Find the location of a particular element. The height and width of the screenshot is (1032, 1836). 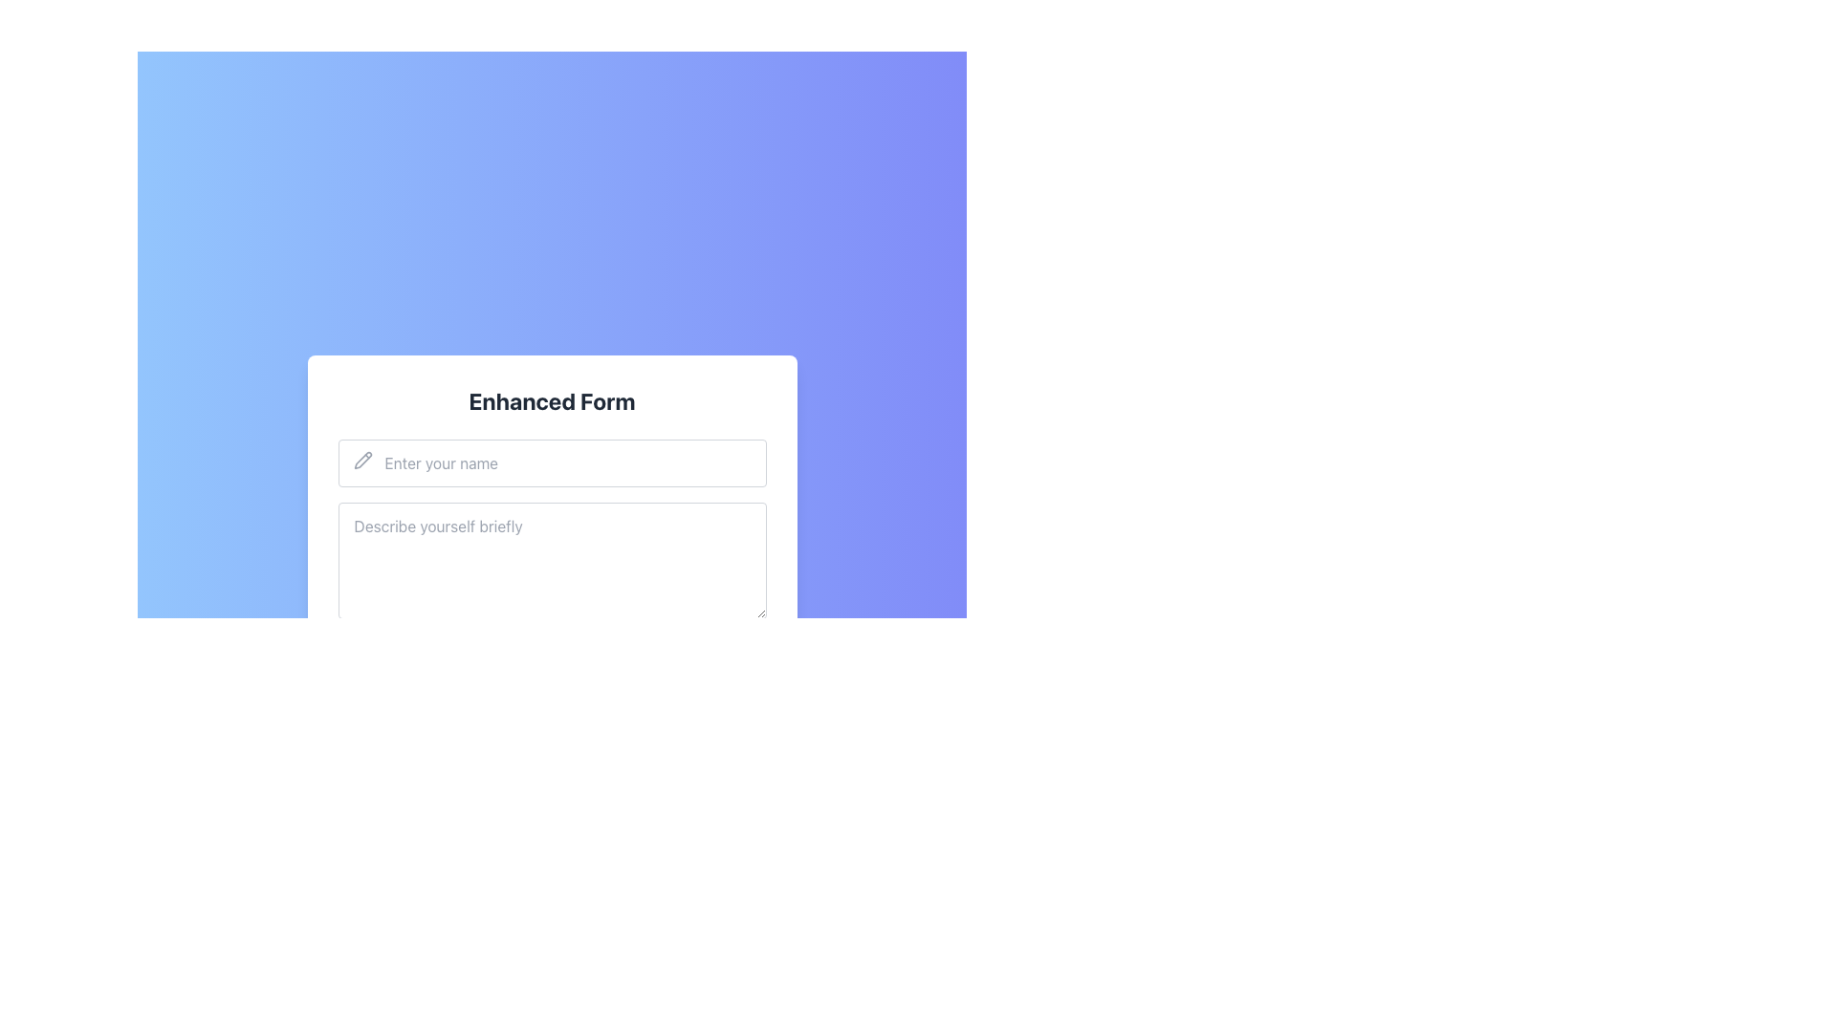

the pencil icon located to the left of the 'Enter your name' input field, which represents editing capabilities is located at coordinates (362, 461).